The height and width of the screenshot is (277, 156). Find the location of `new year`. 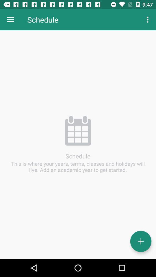

new year is located at coordinates (140, 241).